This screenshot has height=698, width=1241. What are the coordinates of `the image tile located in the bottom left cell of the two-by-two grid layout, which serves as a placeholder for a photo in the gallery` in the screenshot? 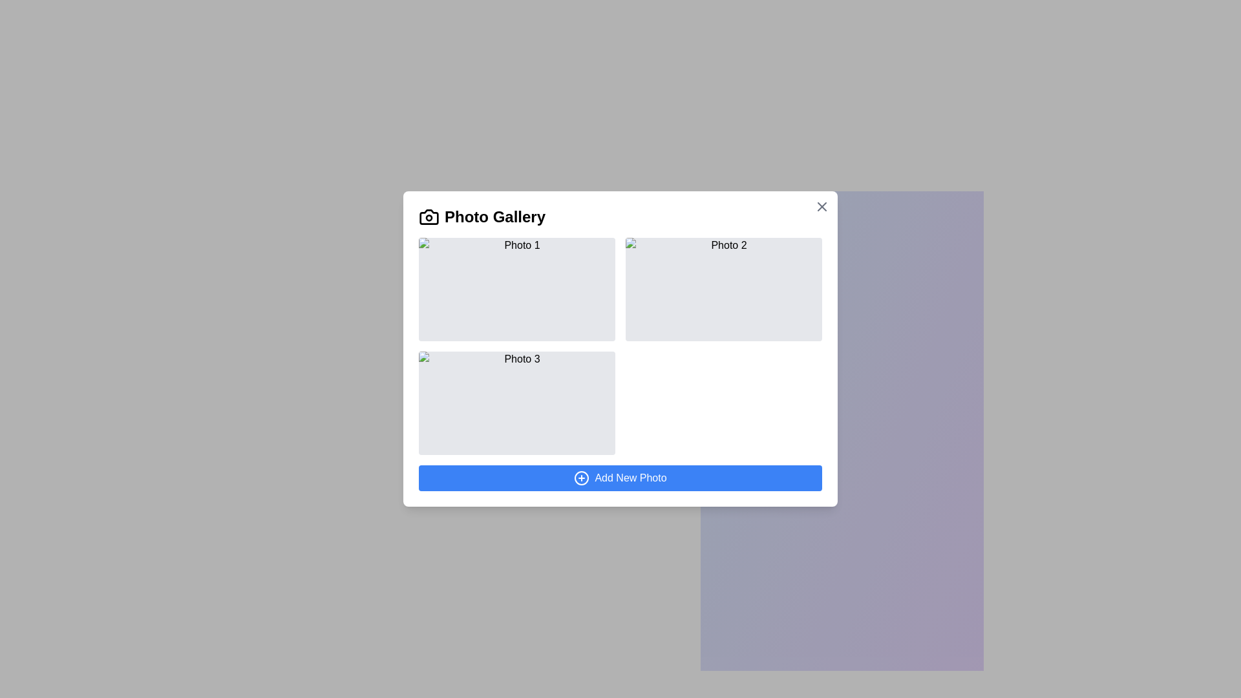 It's located at (517, 403).